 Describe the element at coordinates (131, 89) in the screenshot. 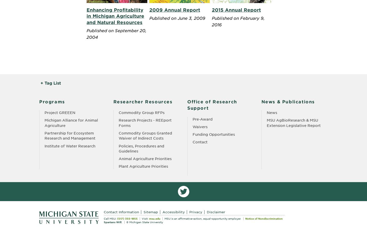

I see `'montcalm research center,'` at that location.